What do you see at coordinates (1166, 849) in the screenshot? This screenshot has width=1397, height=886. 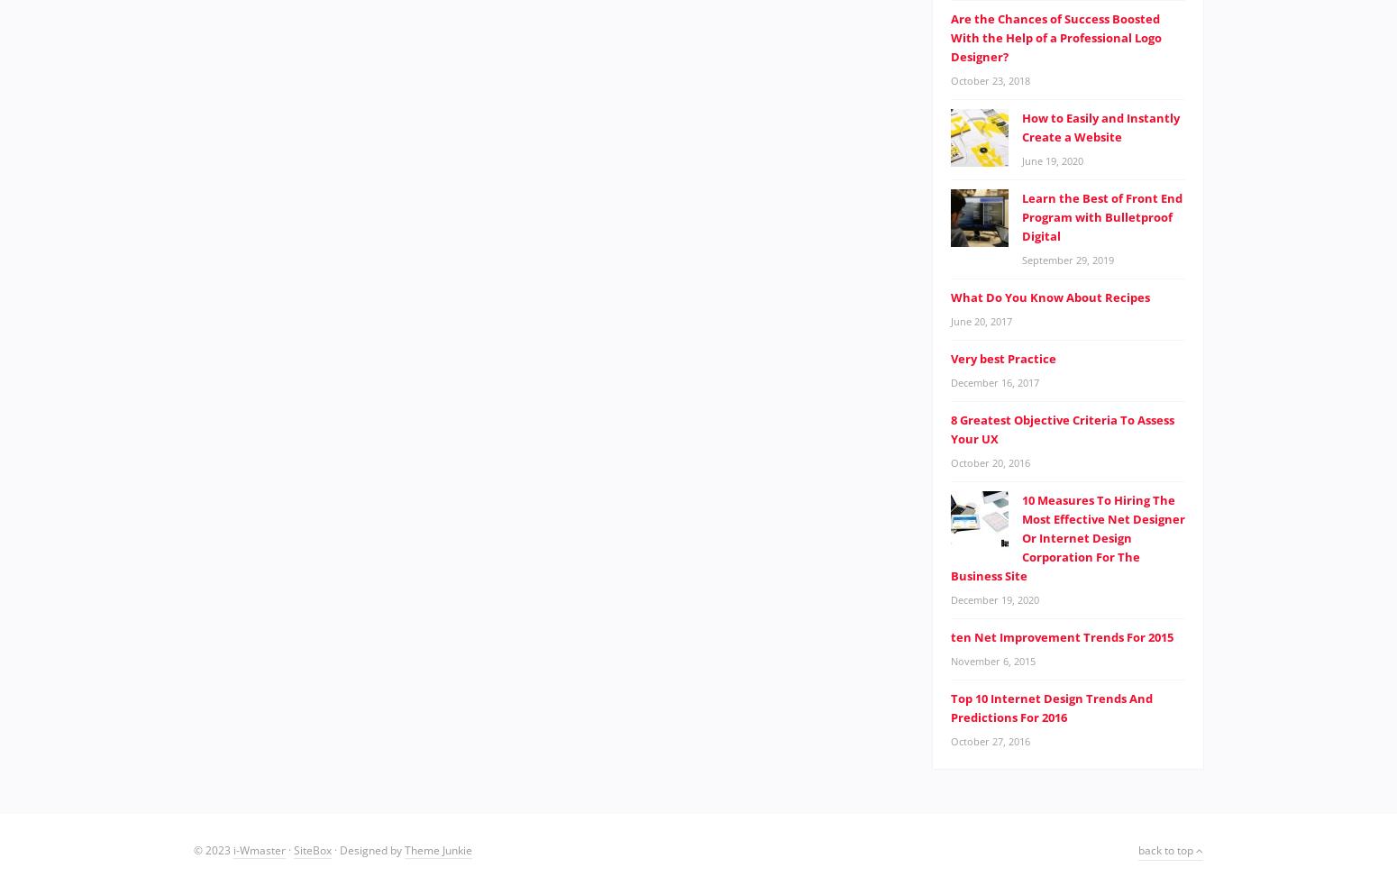 I see `'back to top'` at bounding box center [1166, 849].